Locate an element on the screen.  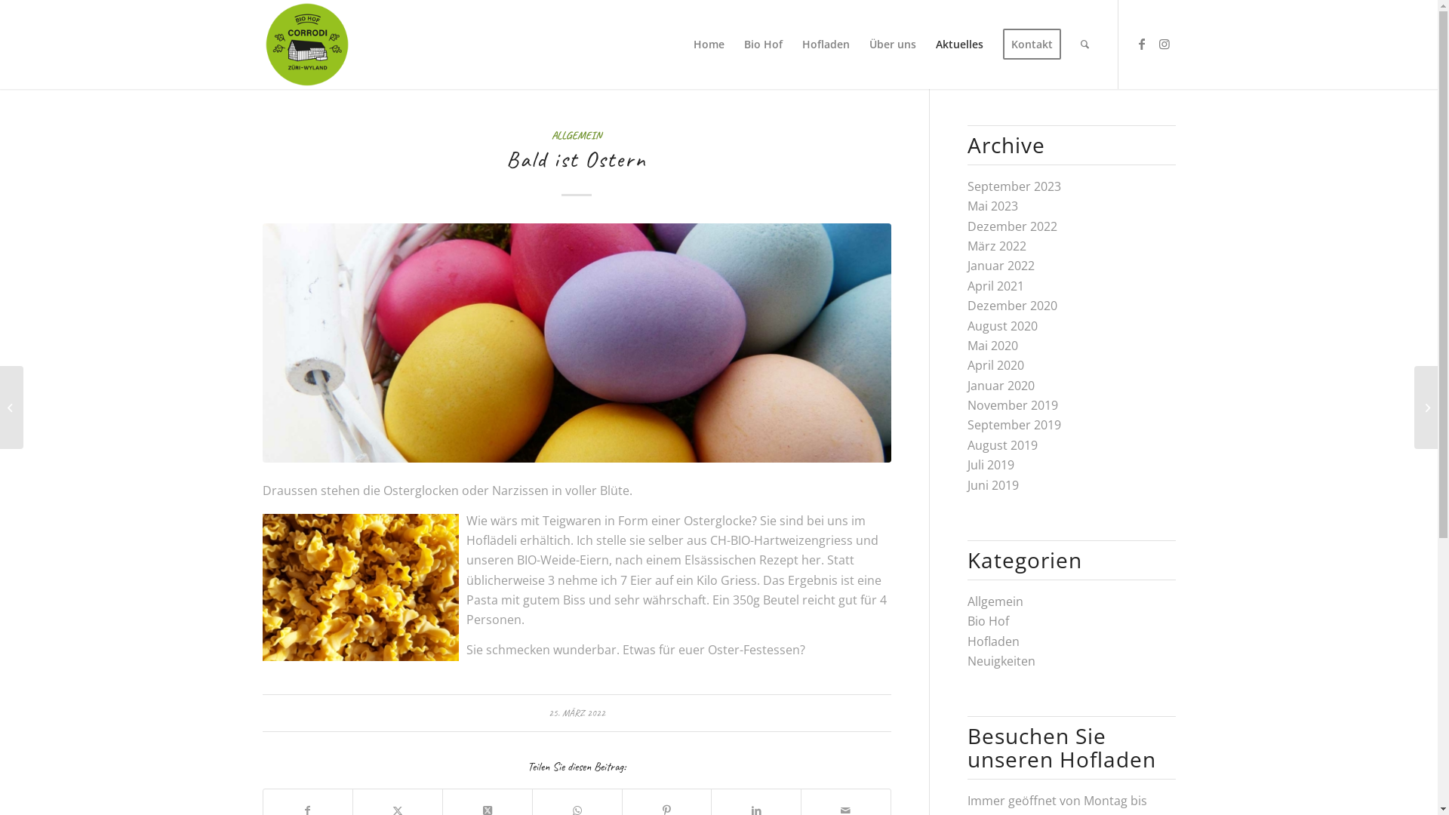
'logo_biohof_gorrodi_gruen_156' is located at coordinates (306, 43).